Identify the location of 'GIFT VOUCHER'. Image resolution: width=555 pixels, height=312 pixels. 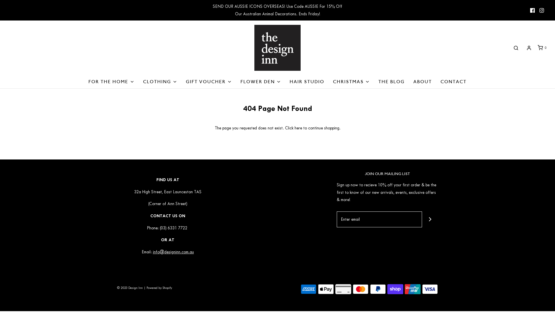
(208, 81).